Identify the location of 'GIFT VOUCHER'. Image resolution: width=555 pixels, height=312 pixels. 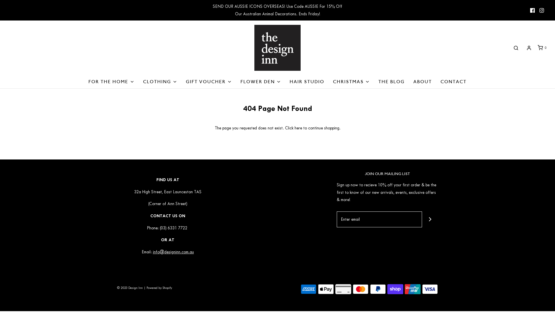
(208, 81).